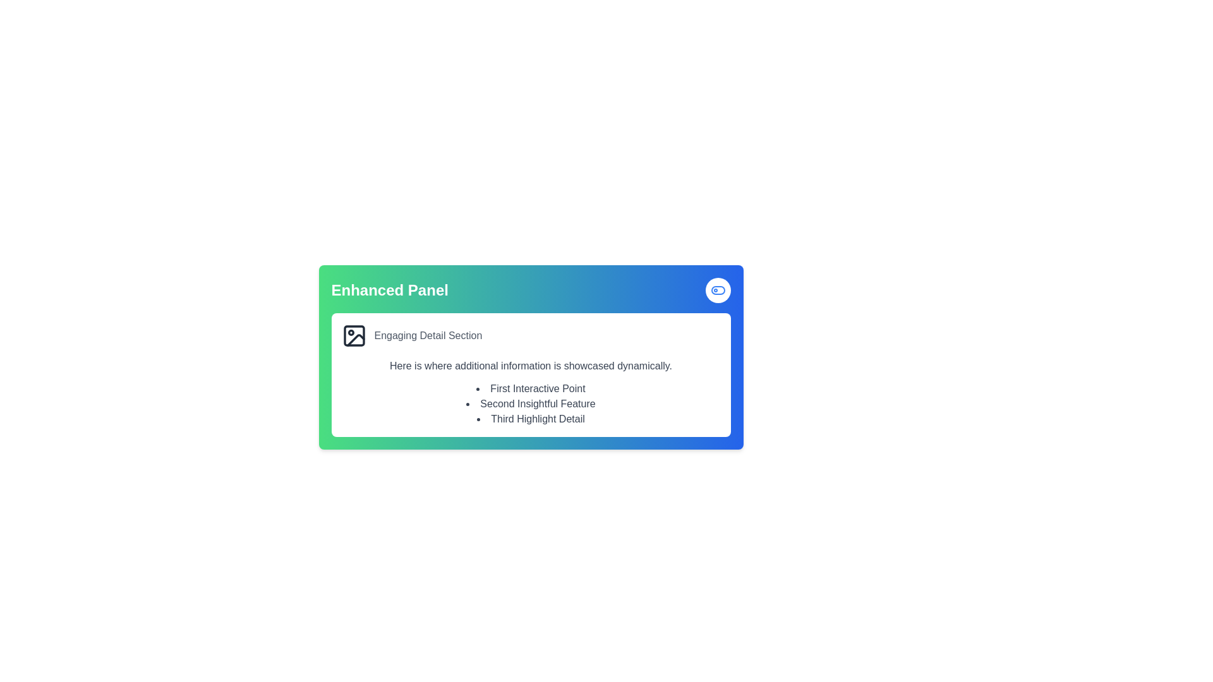  Describe the element at coordinates (531, 357) in the screenshot. I see `descriptive title and overview information displayed on the central panel above the white sub-panel` at that location.